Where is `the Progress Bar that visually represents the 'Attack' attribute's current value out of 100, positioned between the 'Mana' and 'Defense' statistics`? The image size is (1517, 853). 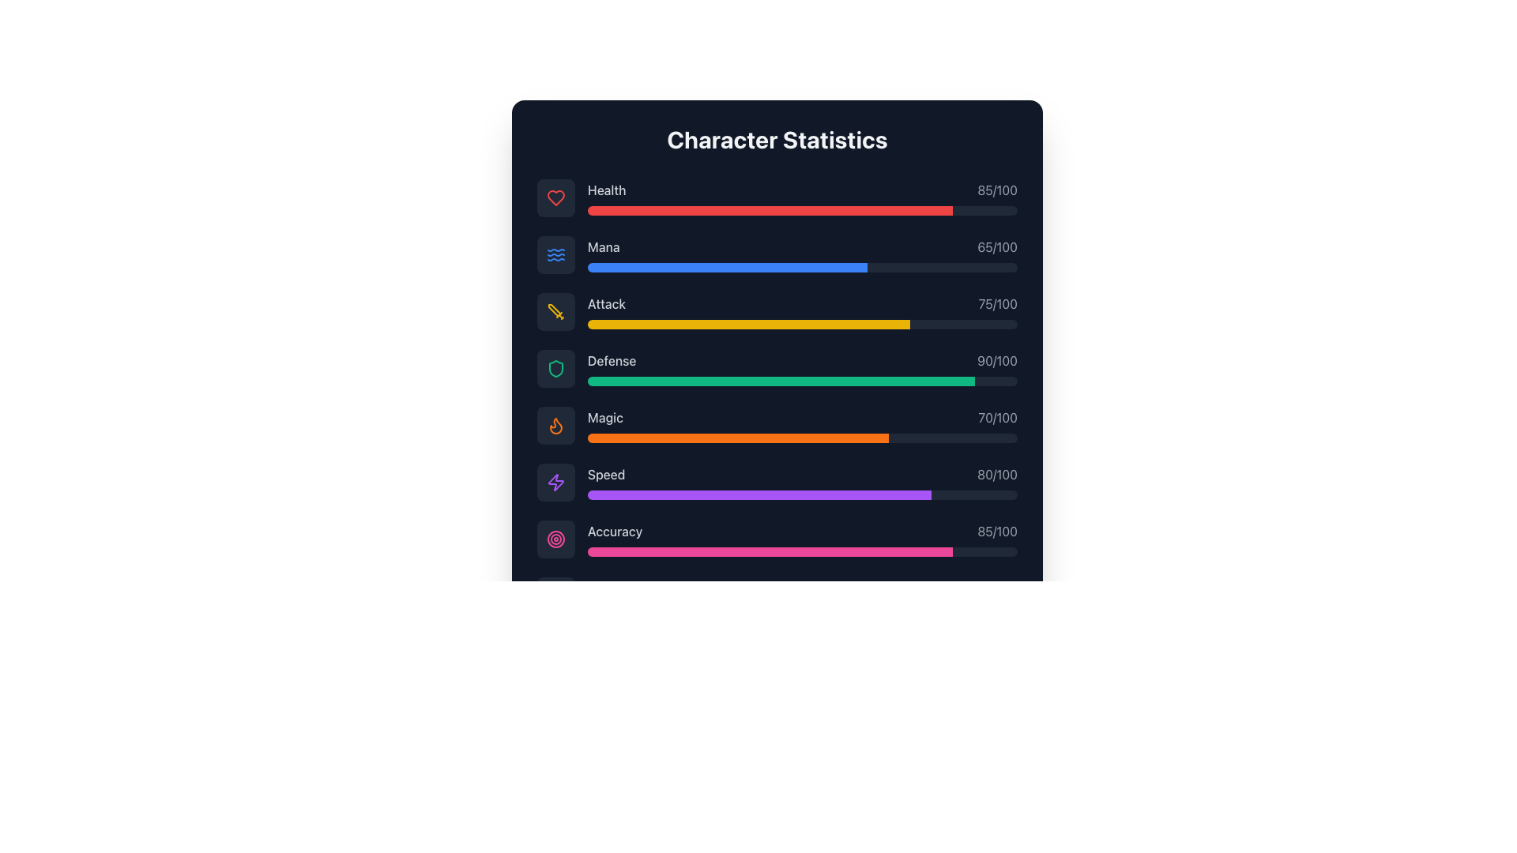
the Progress Bar that visually represents the 'Attack' attribute's current value out of 100, positioned between the 'Mana' and 'Defense' statistics is located at coordinates (803, 311).